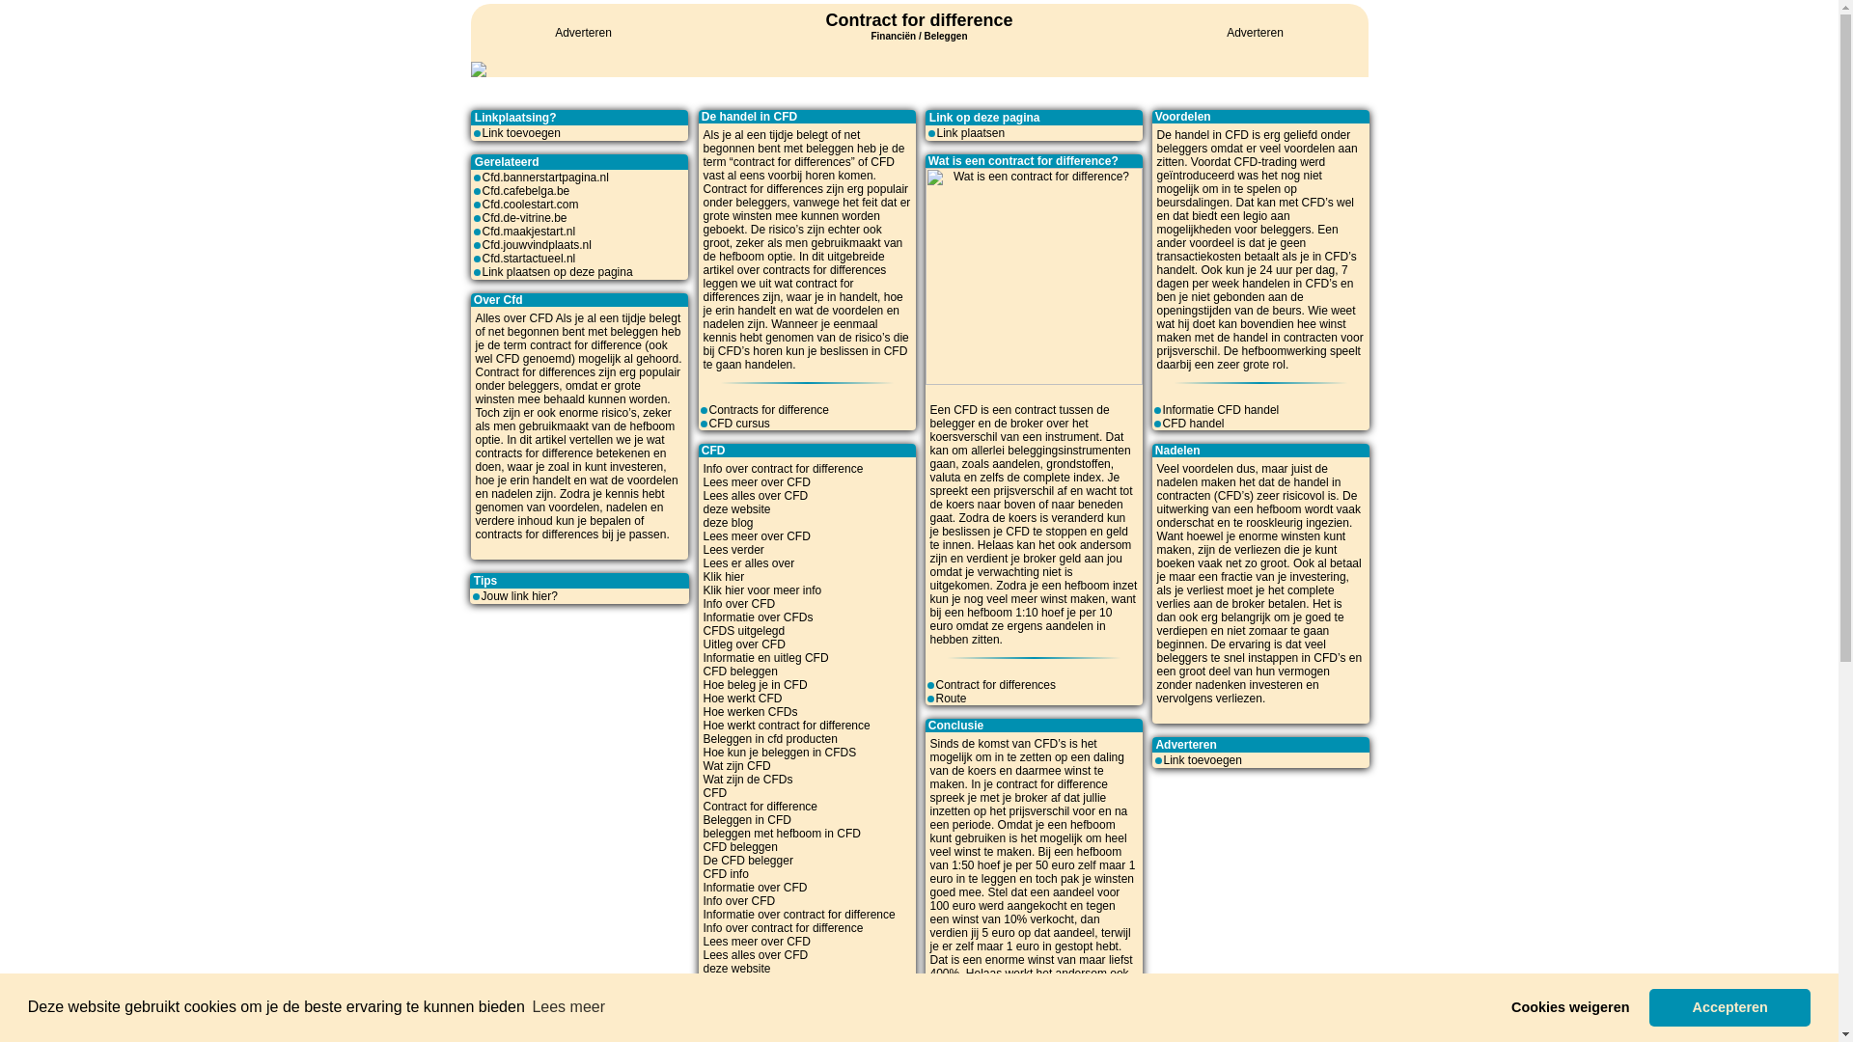  I want to click on 'beleggen met hefboom in CFD', so click(781, 833).